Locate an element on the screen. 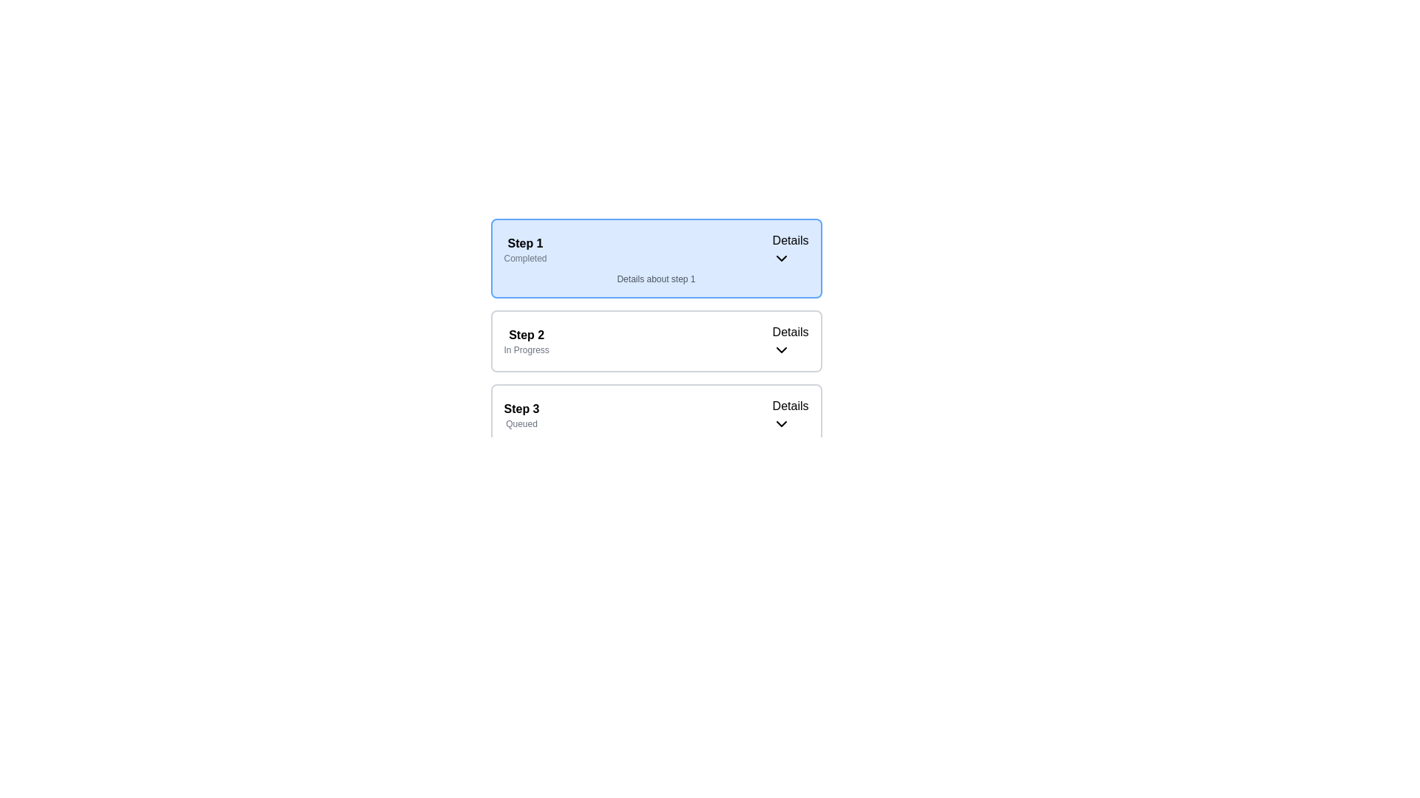 The height and width of the screenshot is (798, 1420). the informational text display related to 'Step 1', which is positioned below the 'Step 1' and 'Completed' labels, and above the 'Step 2' section is located at coordinates (655, 279).